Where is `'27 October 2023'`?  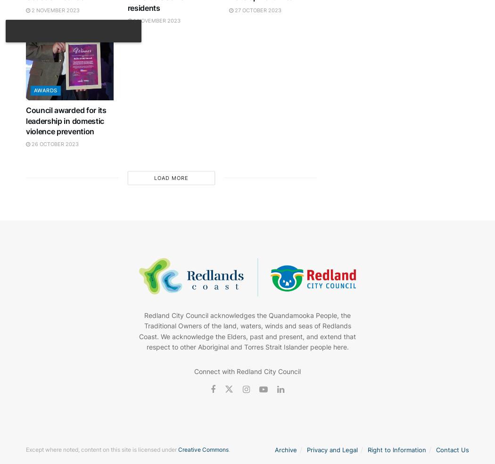 '27 October 2023' is located at coordinates (232, 9).